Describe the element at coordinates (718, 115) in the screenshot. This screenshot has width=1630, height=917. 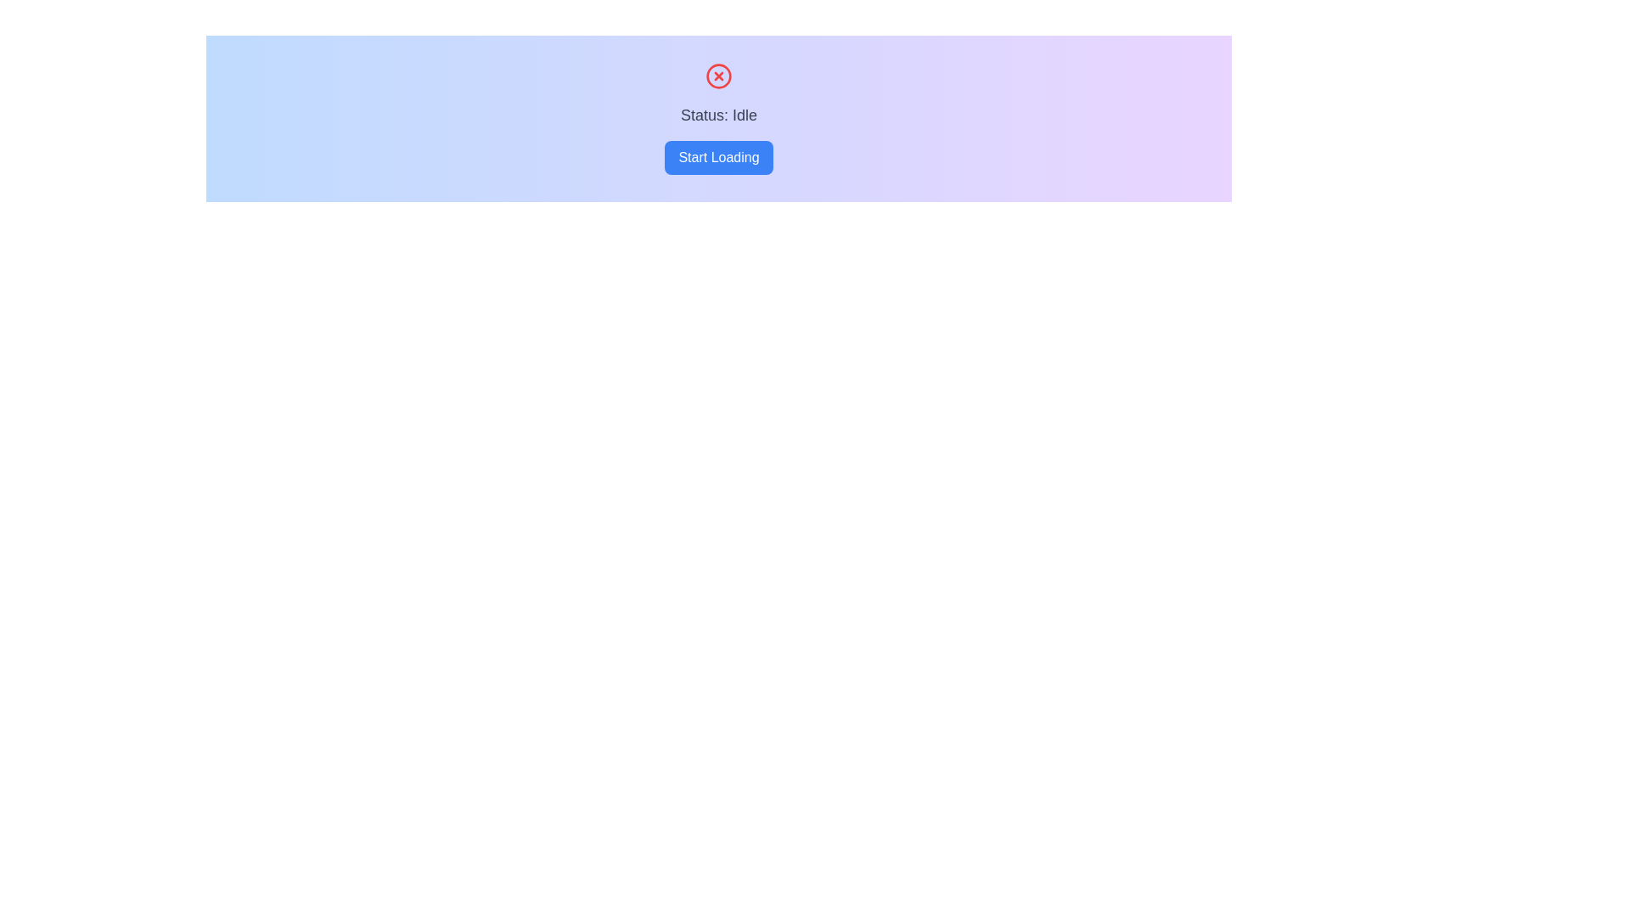
I see `the Text Label displaying 'Status: Idle', which is centrally positioned below a status icon and above a 'Start Loading' button` at that location.